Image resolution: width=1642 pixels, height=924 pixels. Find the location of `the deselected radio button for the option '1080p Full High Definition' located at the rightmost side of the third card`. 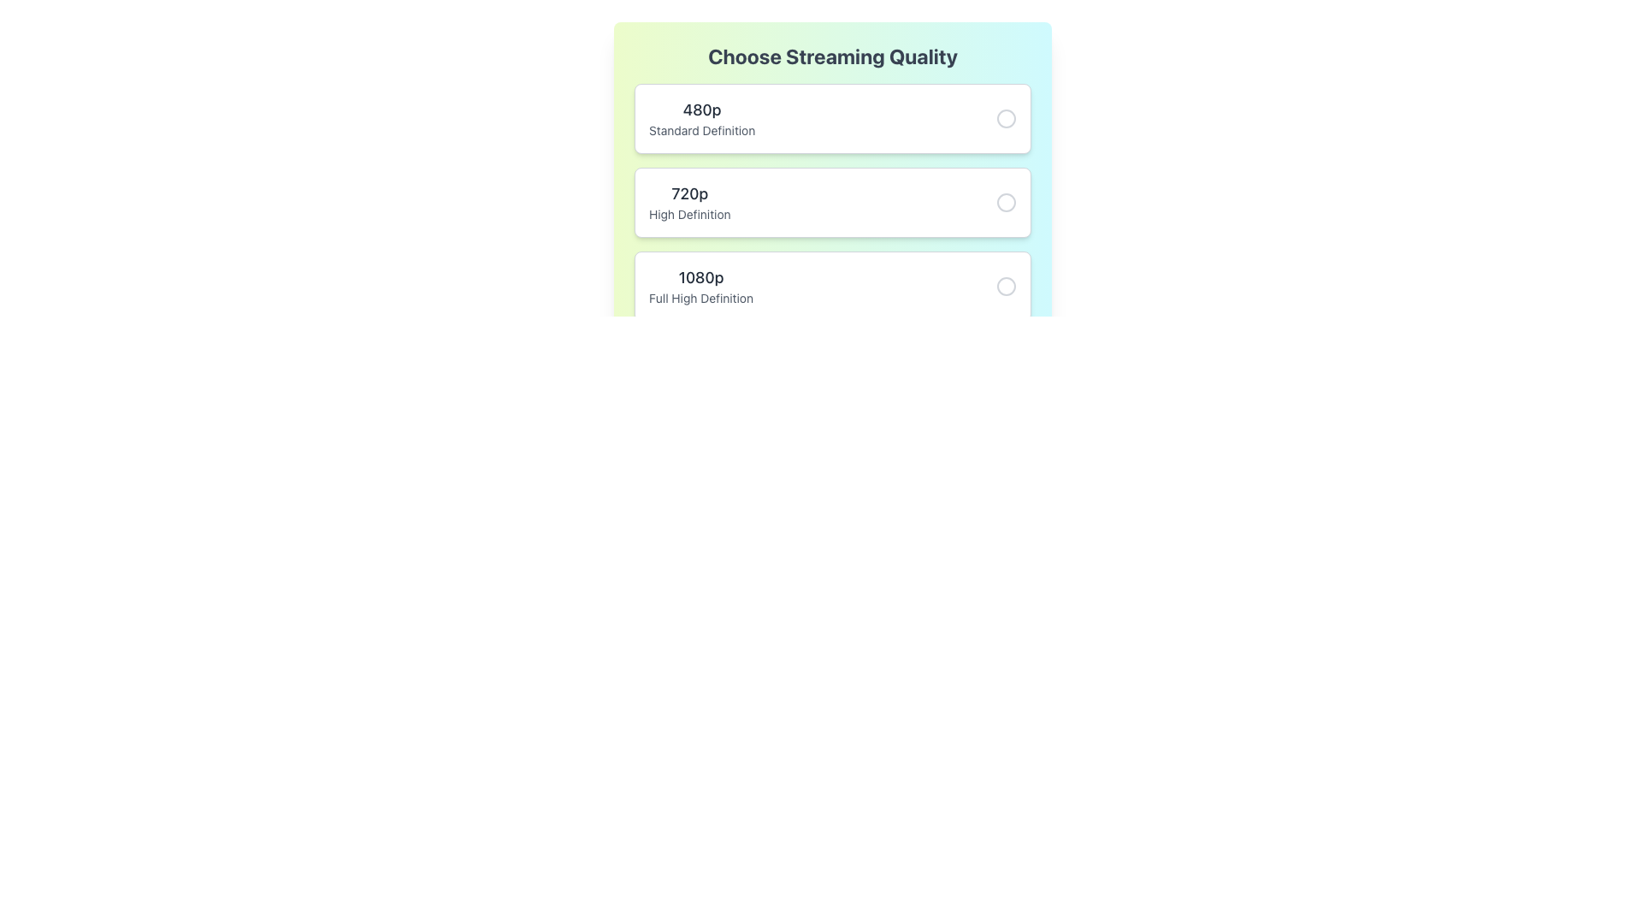

the deselected radio button for the option '1080p Full High Definition' located at the rightmost side of the third card is located at coordinates (1006, 286).